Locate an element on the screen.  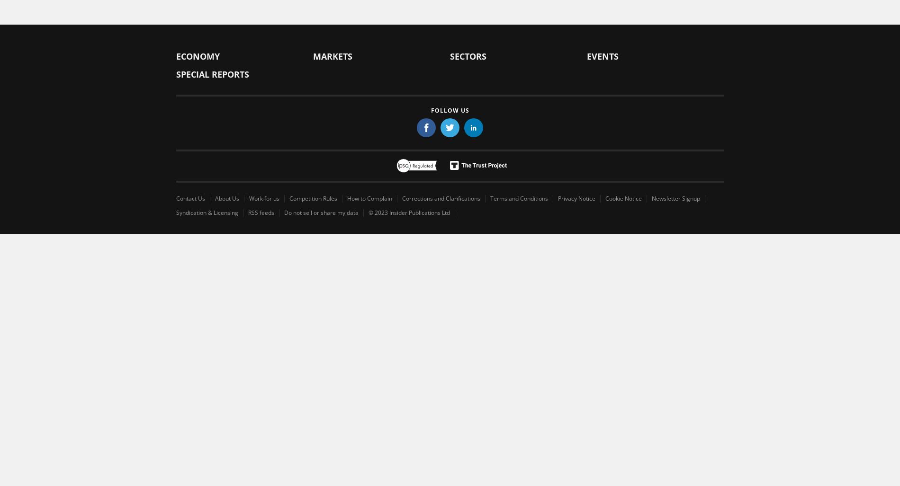
'Events' is located at coordinates (602, 56).